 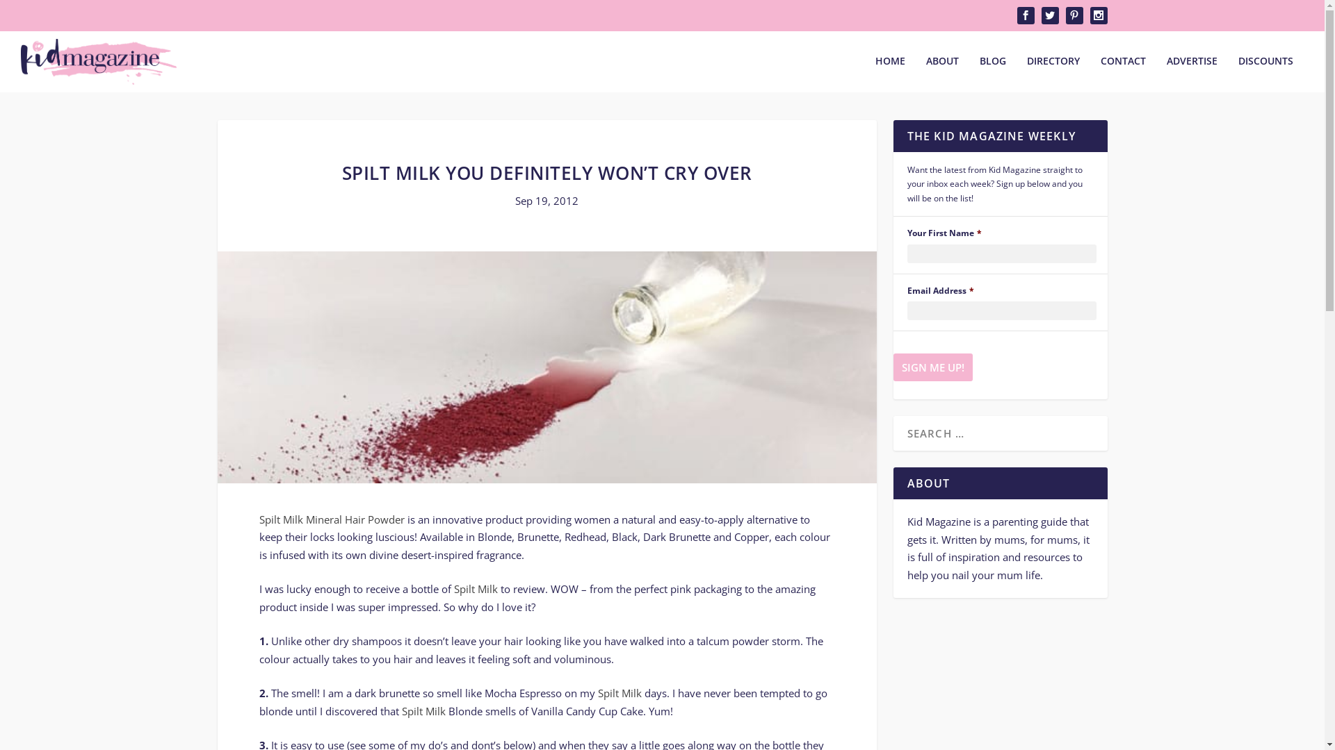 What do you see at coordinates (330, 519) in the screenshot?
I see `'Spilt Milk Mineral Hair Powder'` at bounding box center [330, 519].